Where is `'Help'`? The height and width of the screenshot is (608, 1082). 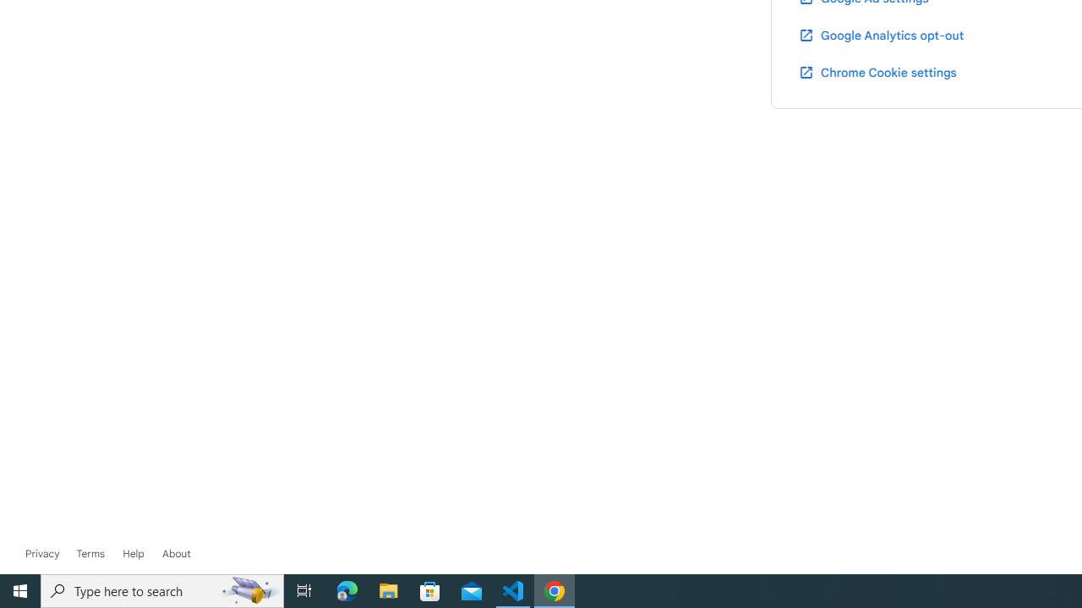 'Help' is located at coordinates (133, 553).